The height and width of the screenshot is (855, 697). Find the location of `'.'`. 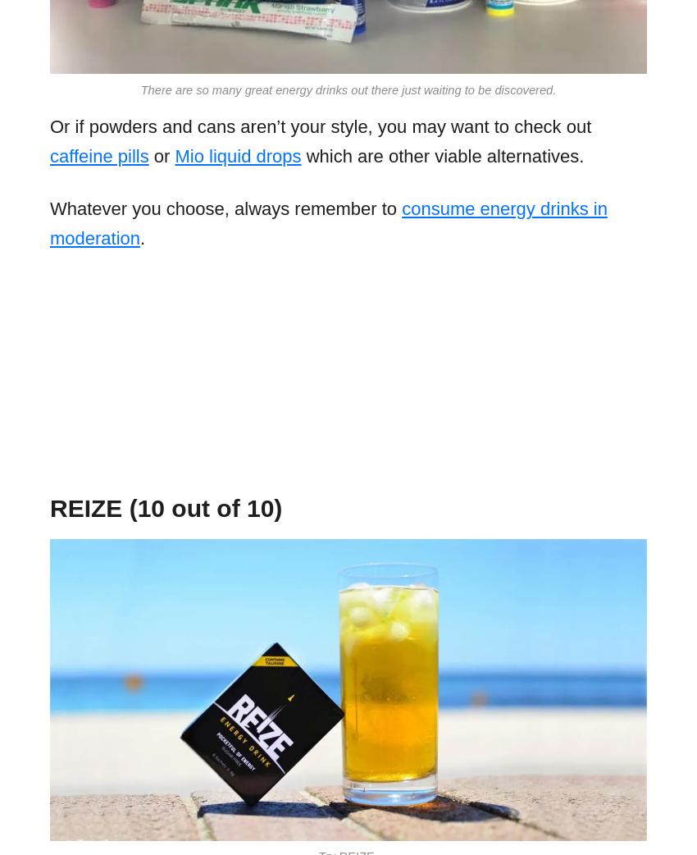

'.' is located at coordinates (141, 237).